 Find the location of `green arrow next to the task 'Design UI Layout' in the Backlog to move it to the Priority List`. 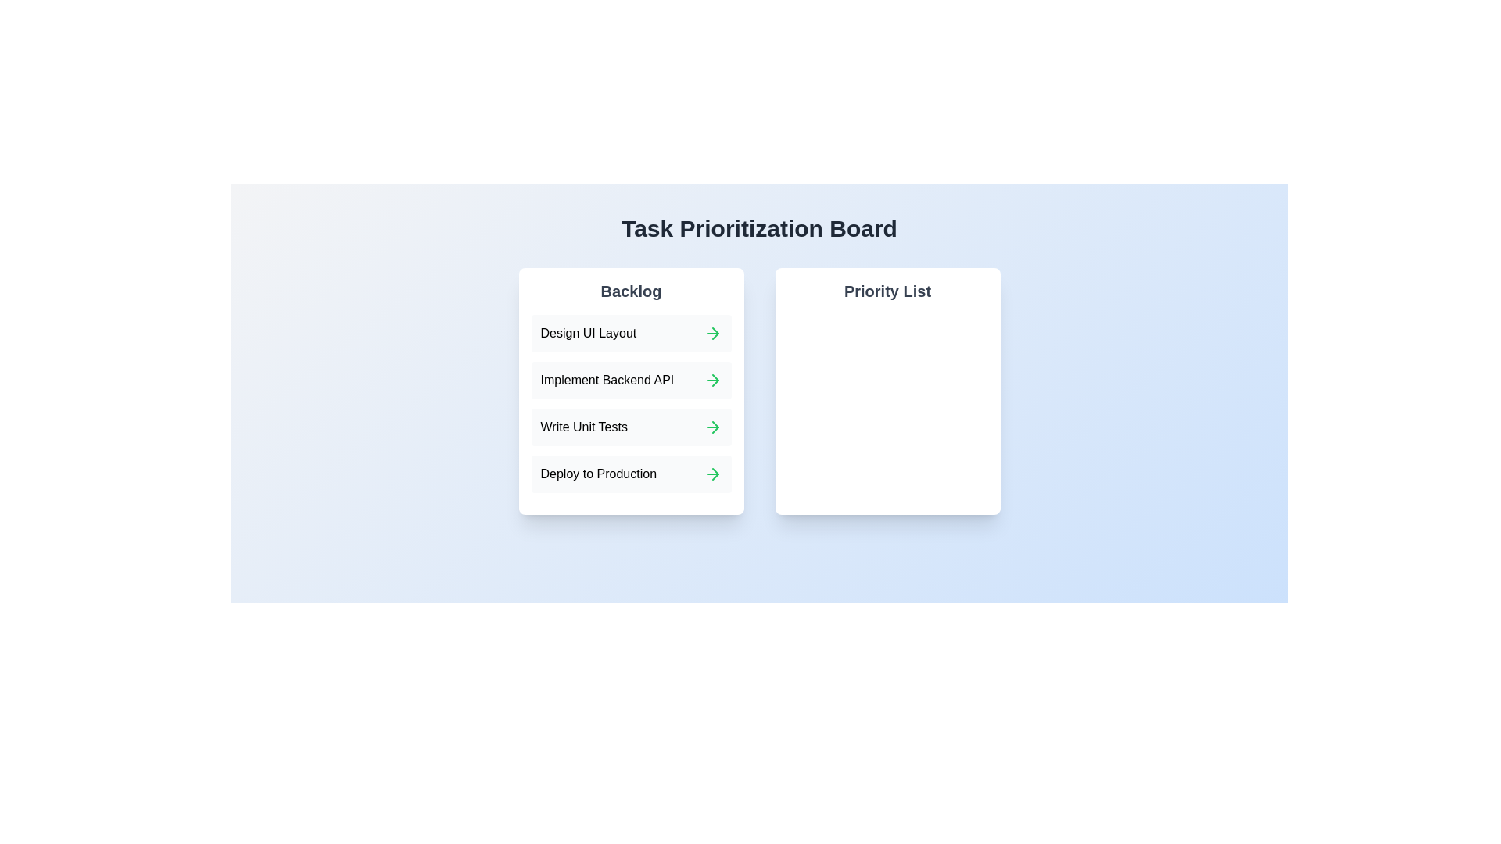

green arrow next to the task 'Design UI Layout' in the Backlog to move it to the Priority List is located at coordinates (711, 333).